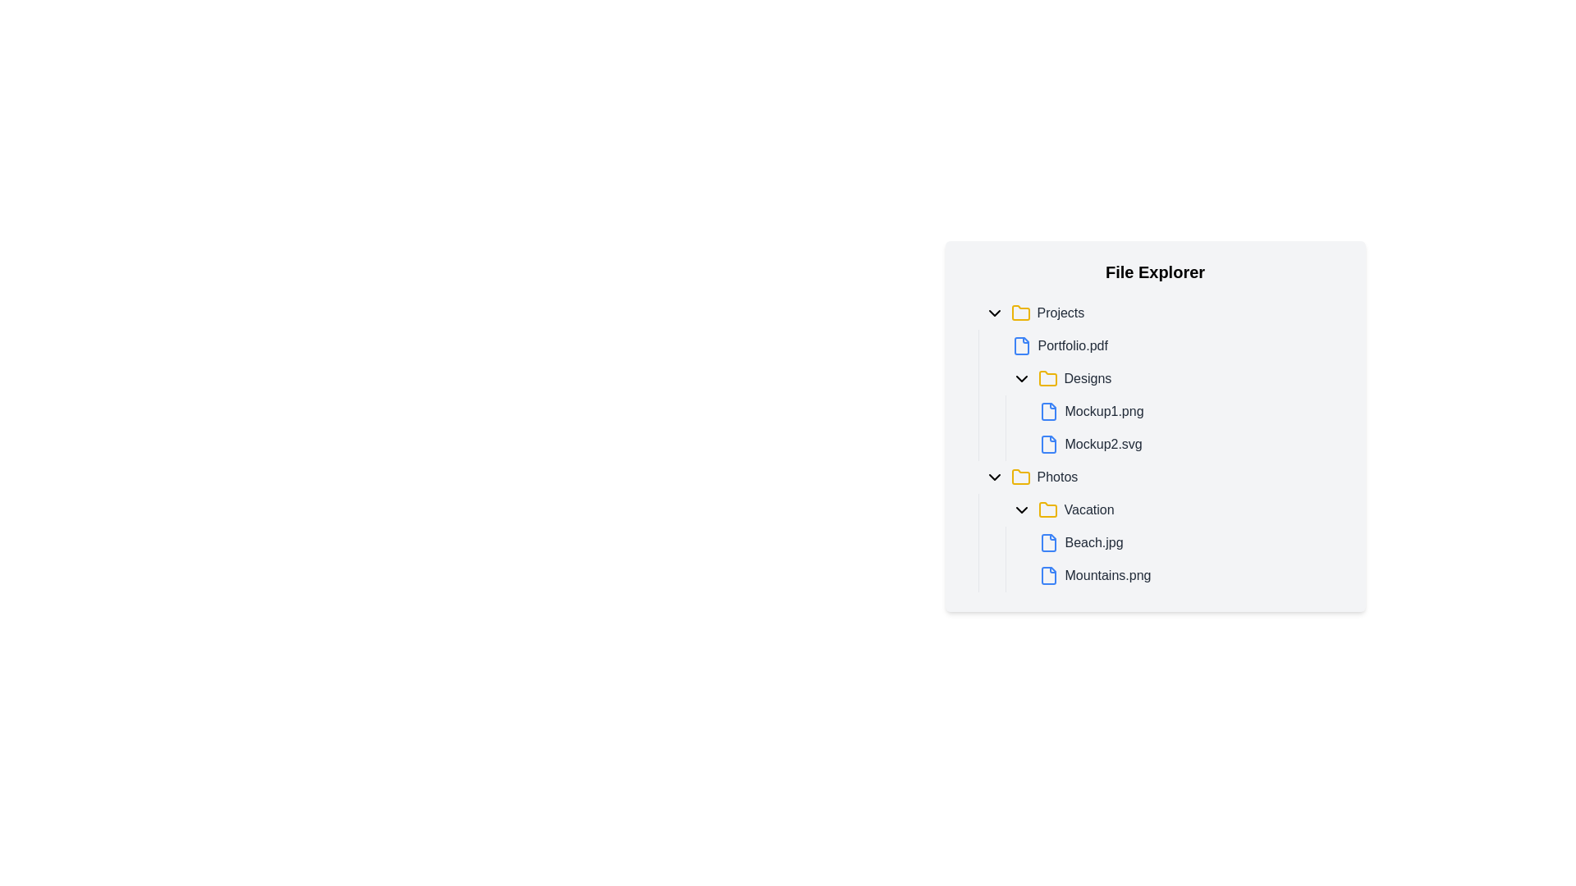 The image size is (1576, 886). Describe the element at coordinates (1047, 445) in the screenshot. I see `the document icon representing the file 'Mockup2.svg' in the 'Designs' folder within the file explorer interface` at that location.